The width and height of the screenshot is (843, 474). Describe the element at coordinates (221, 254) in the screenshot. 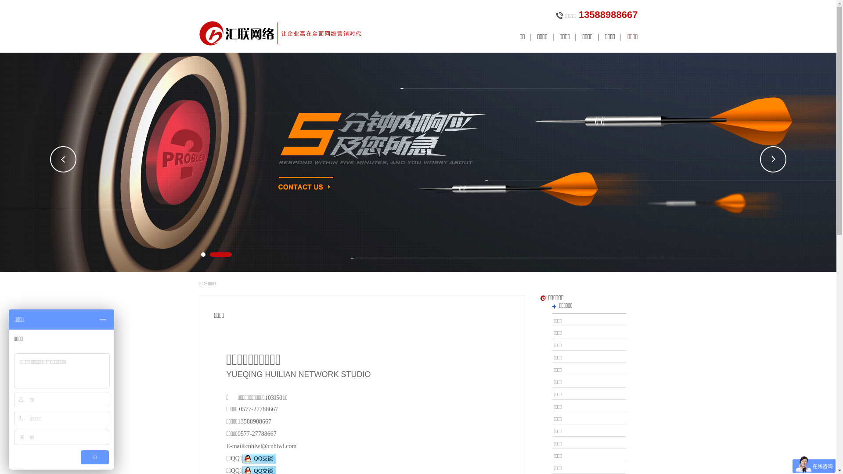

I see `'2'` at that location.